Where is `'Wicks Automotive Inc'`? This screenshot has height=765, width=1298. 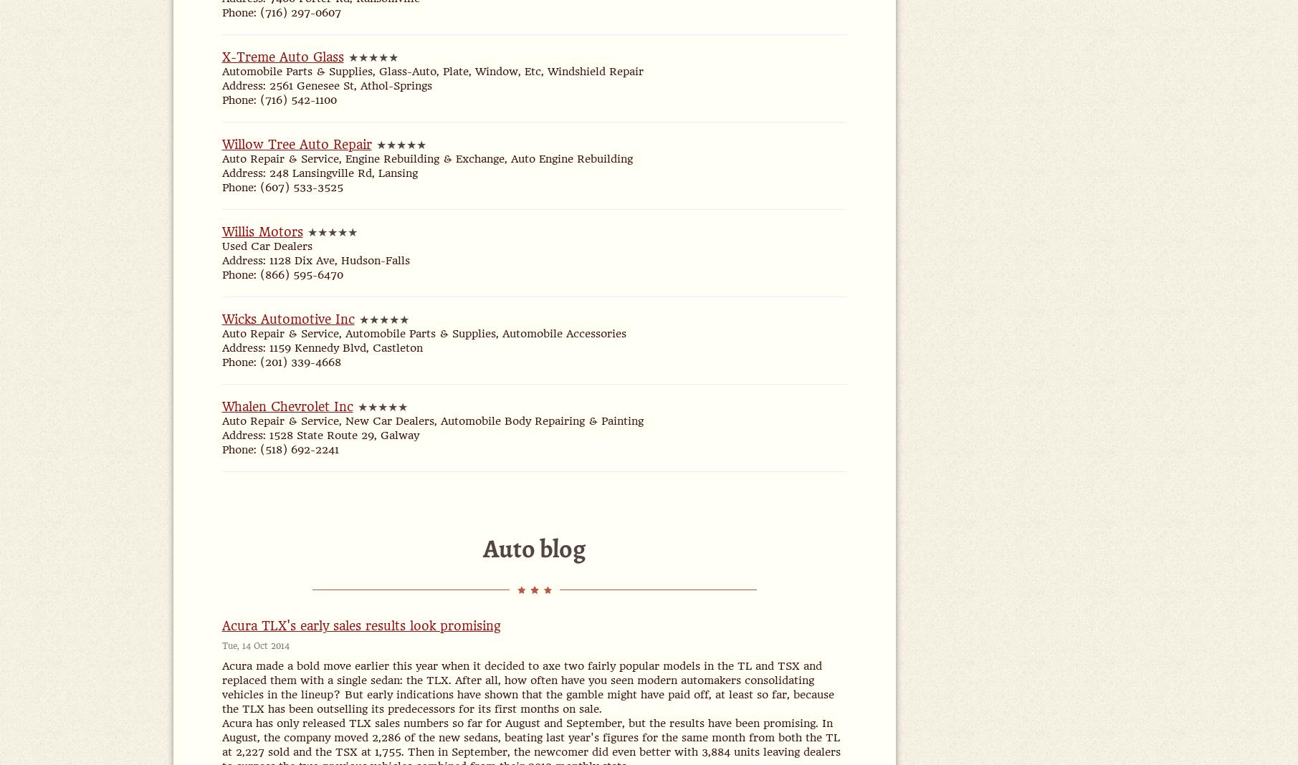 'Wicks Automotive Inc' is located at coordinates (287, 319).